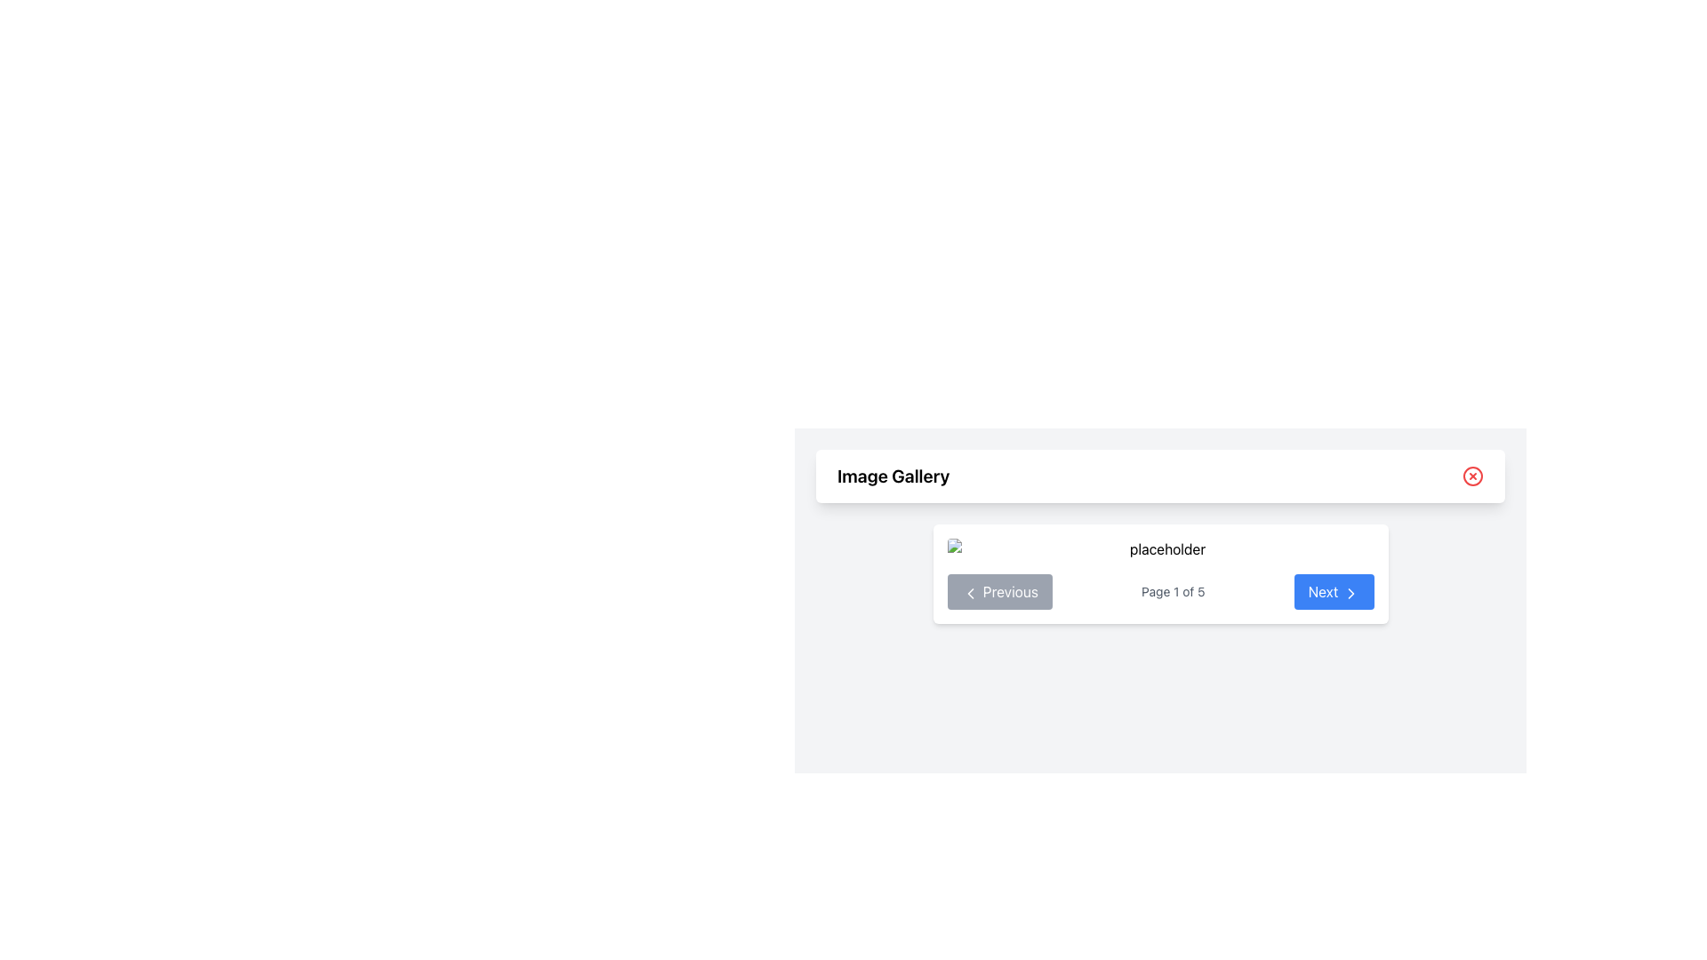 The width and height of the screenshot is (1707, 960). What do you see at coordinates (1173, 592) in the screenshot?
I see `the static text label that displays the current page index and total pages in the pagination control, located between the 'Previous' and 'Next' buttons` at bounding box center [1173, 592].